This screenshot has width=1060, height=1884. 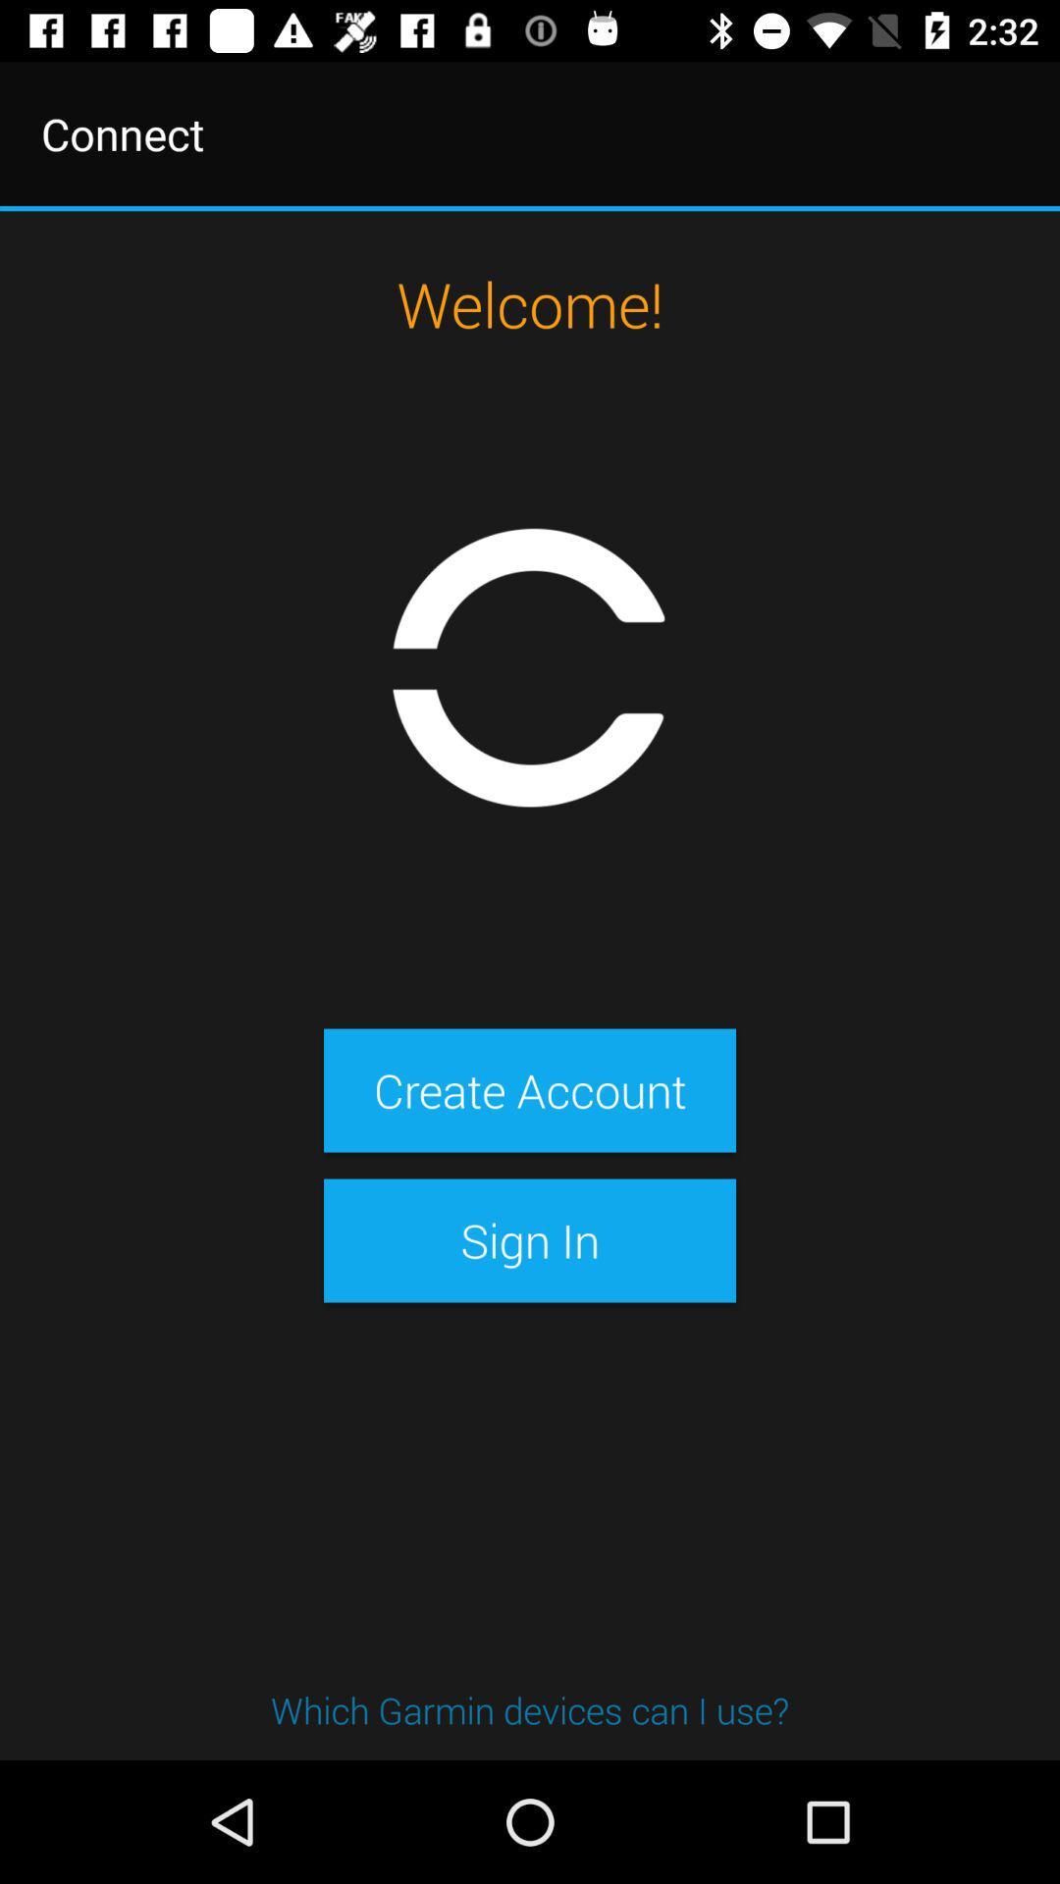 I want to click on sign in icon, so click(x=530, y=1239).